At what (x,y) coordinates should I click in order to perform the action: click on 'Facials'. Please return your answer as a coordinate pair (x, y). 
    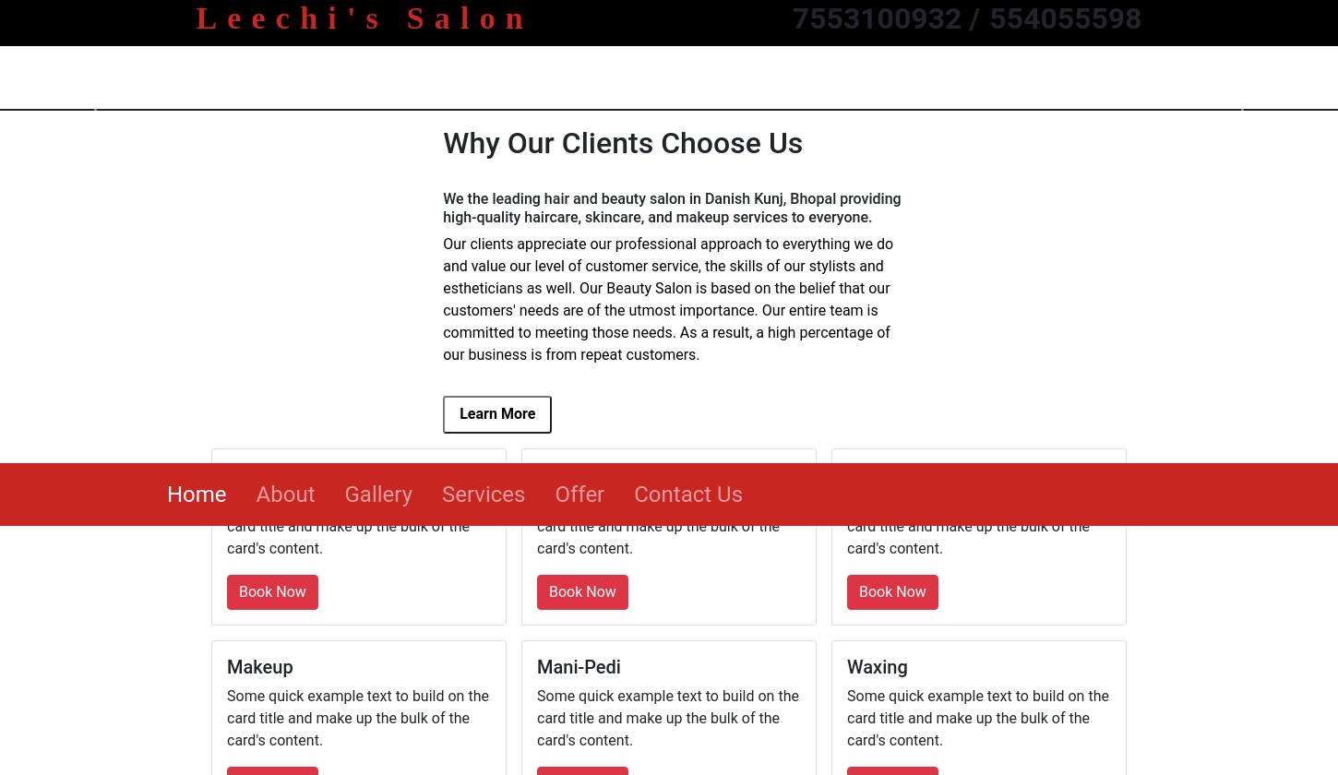
    Looking at the image, I should click on (875, 11).